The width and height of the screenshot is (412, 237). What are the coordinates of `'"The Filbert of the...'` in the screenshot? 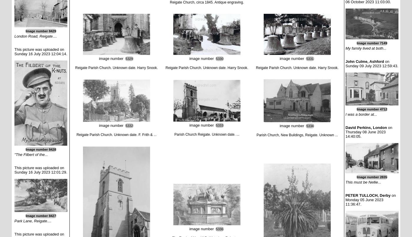 It's located at (31, 154).